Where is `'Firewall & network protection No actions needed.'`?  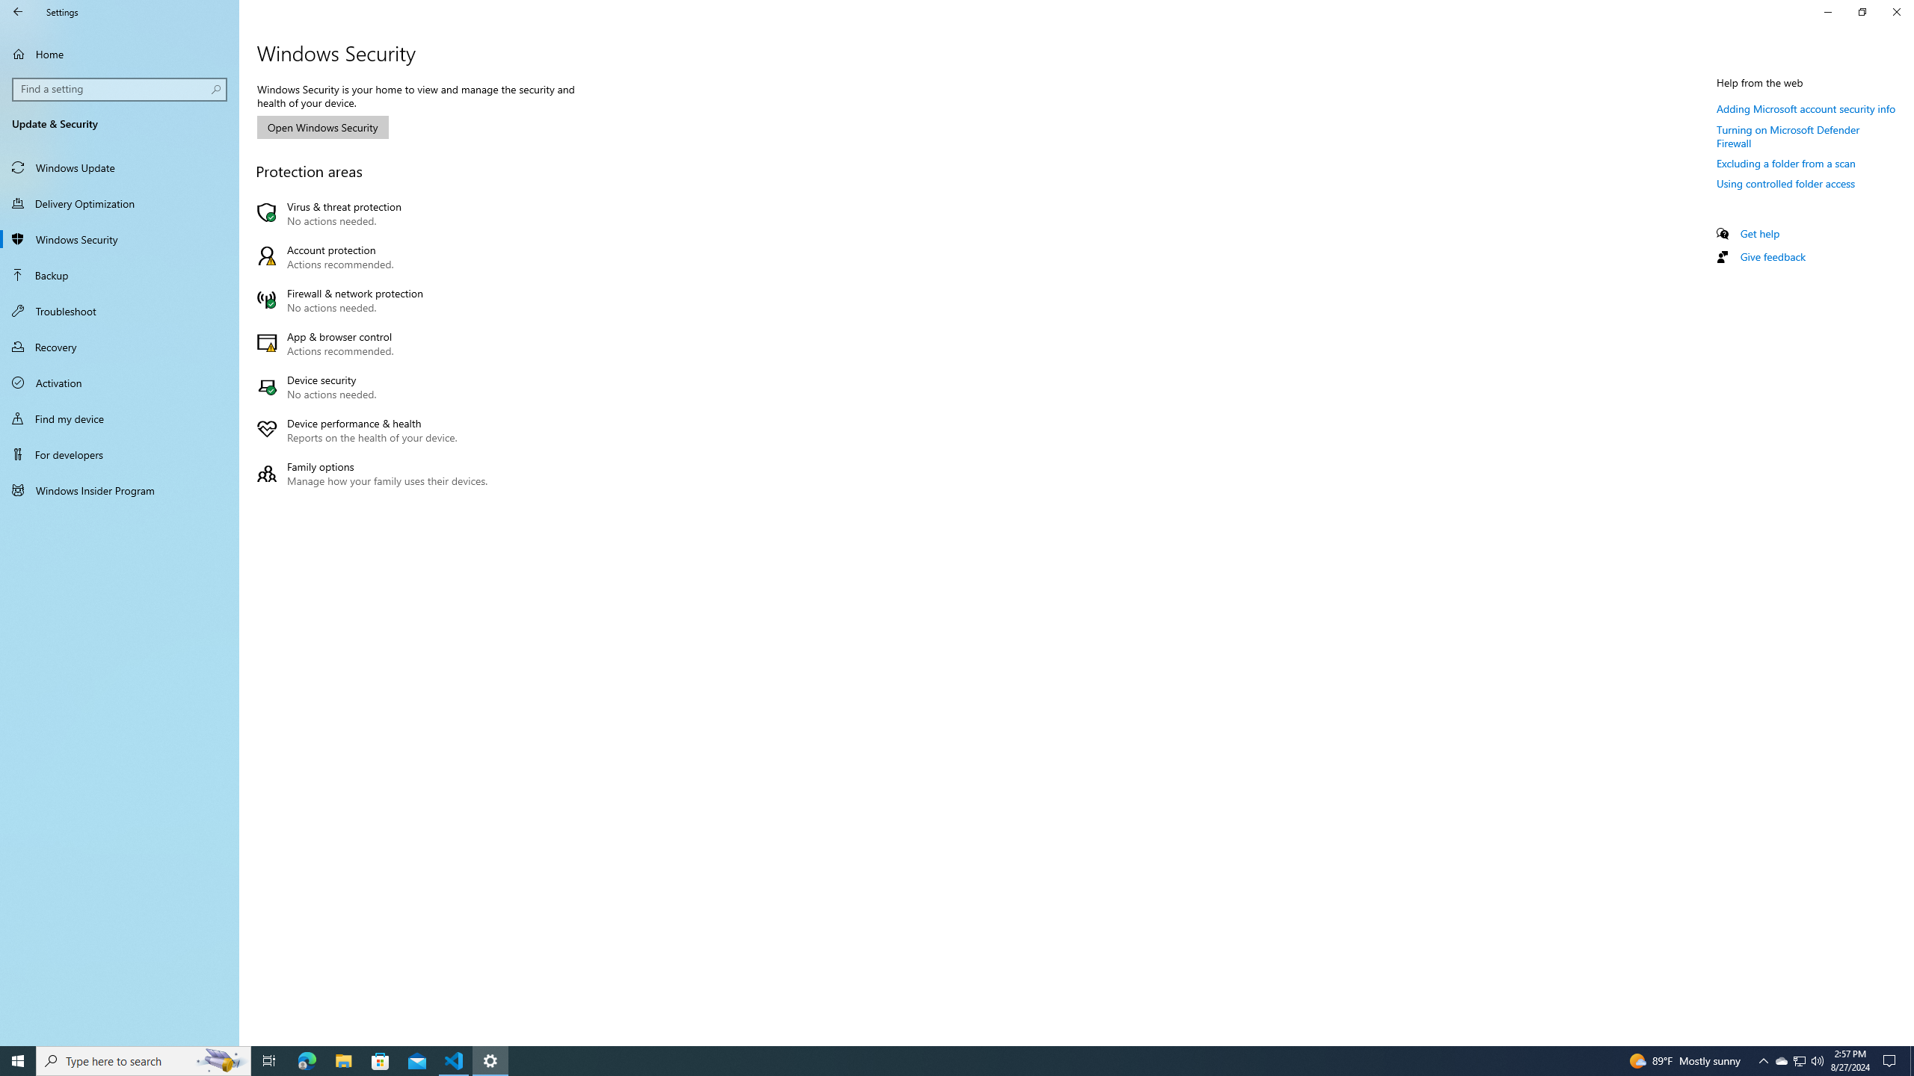
'Firewall & network protection No actions needed.' is located at coordinates (375, 300).